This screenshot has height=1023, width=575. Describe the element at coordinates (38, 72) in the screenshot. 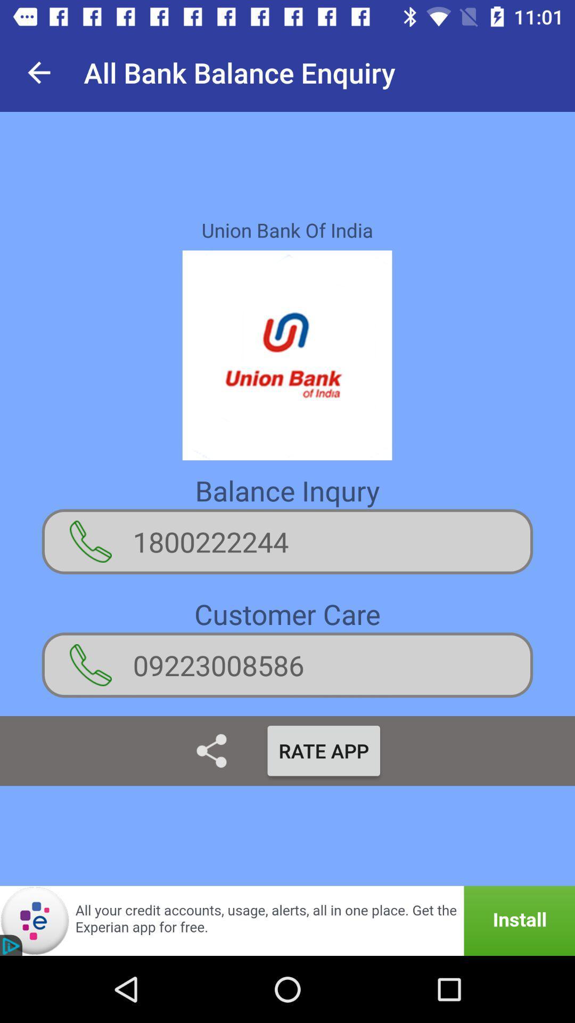

I see `icon at the top left corner` at that location.